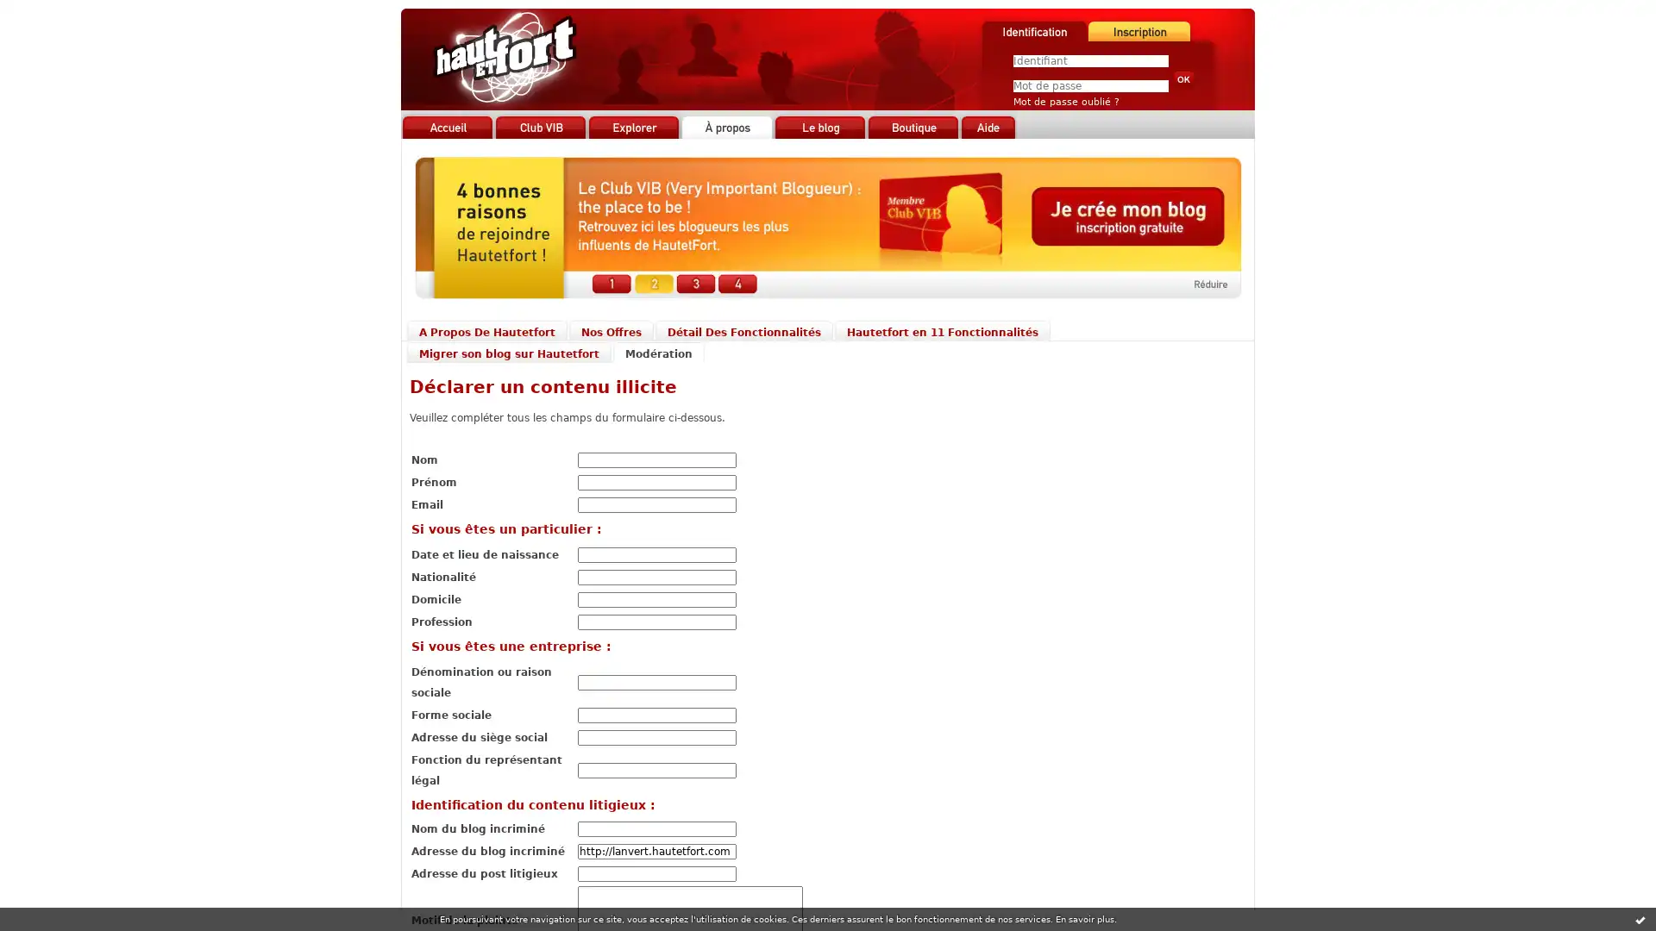 This screenshot has width=1656, height=931. Describe the element at coordinates (1182, 79) in the screenshot. I see `Valider` at that location.